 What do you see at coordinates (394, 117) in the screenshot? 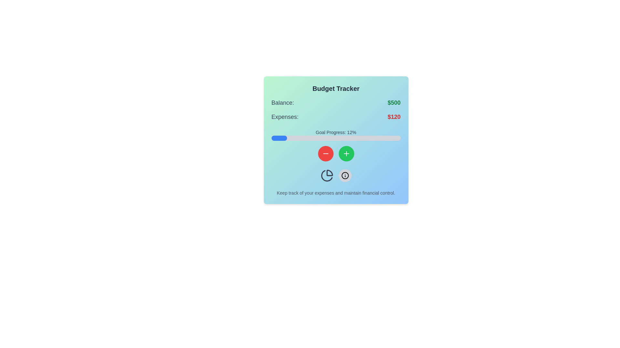
I see `Text label displaying the expense value '$120' in bold red font, positioned next to 'Expenses:' on a pastel gradient background` at bounding box center [394, 117].